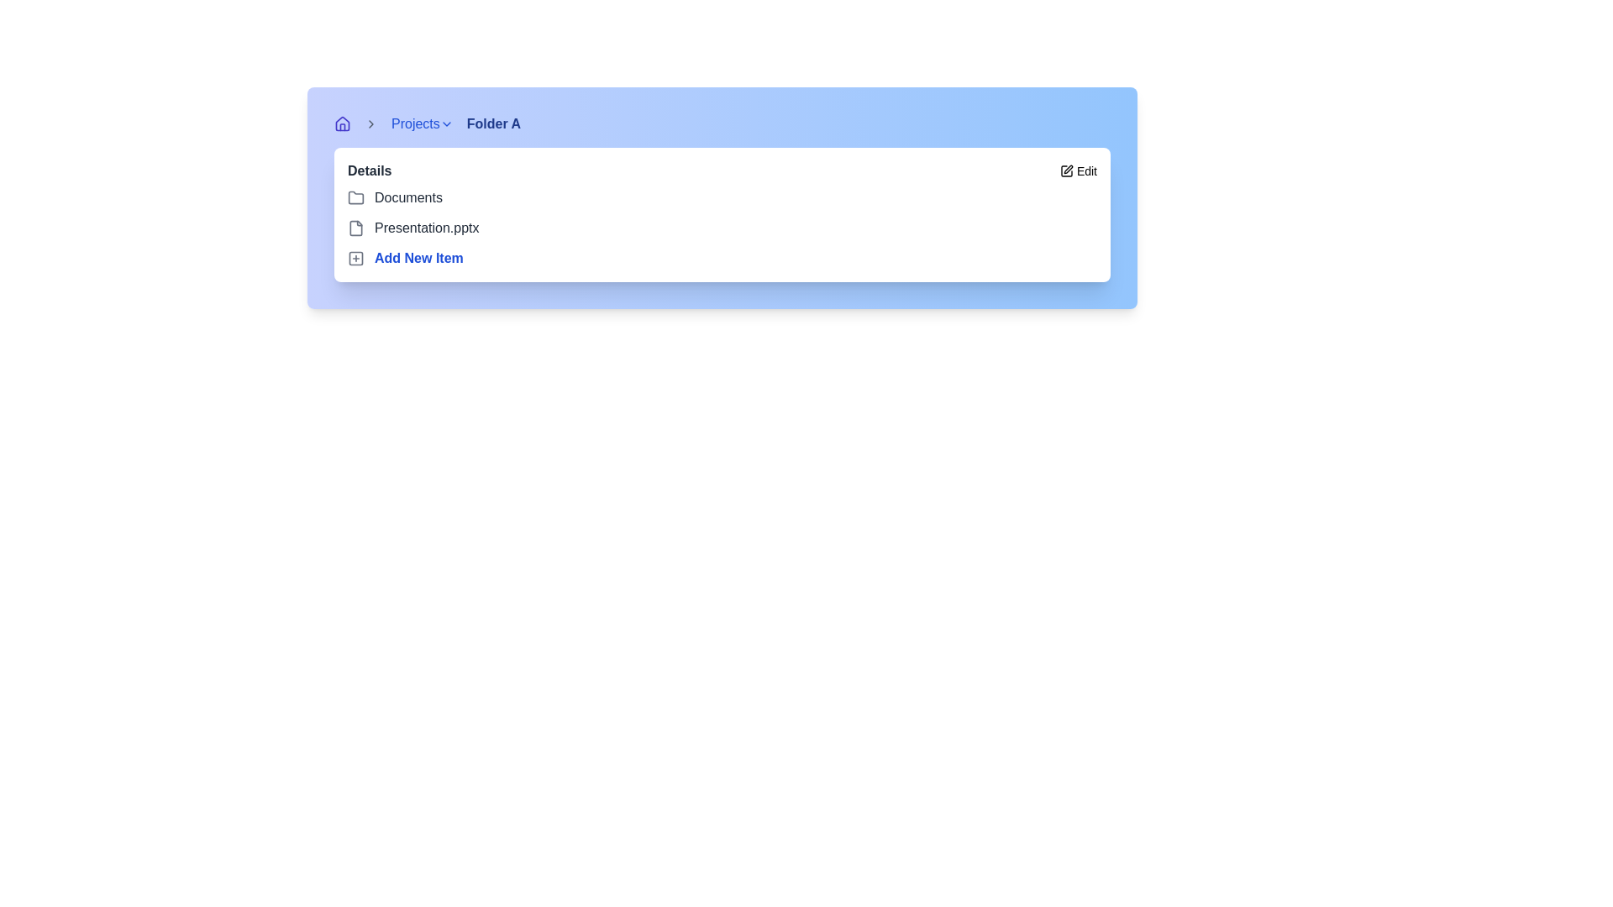 This screenshot has width=1613, height=907. I want to click on the folder icon with a gray outline located in the top left corner of the 'Documents' list item, so click(355, 197).